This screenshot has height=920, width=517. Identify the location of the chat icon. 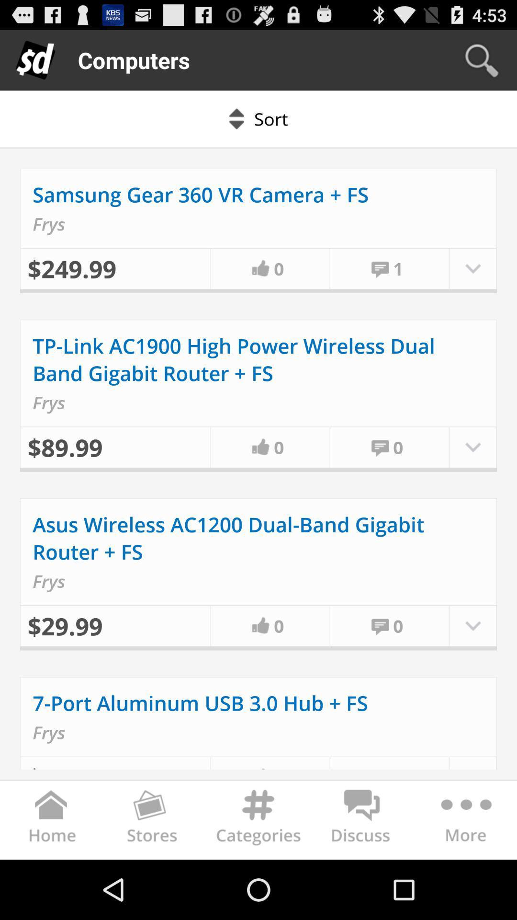
(362, 880).